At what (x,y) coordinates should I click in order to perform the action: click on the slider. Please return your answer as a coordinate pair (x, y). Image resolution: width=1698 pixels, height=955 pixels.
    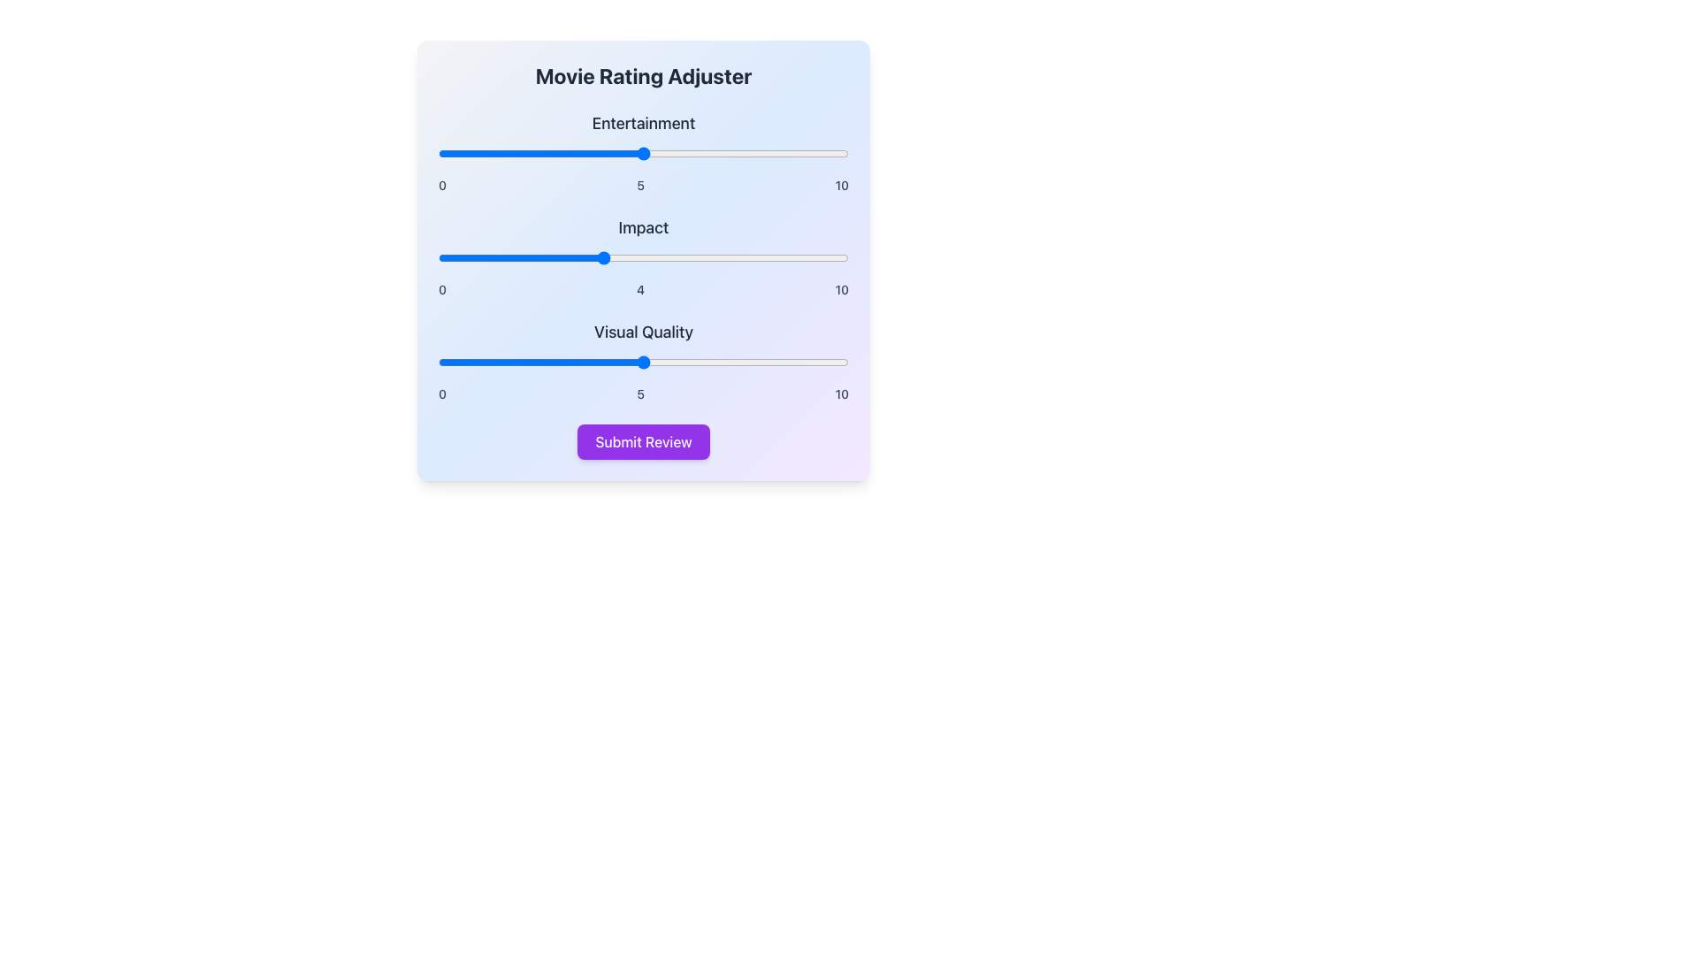
    Looking at the image, I should click on (684, 361).